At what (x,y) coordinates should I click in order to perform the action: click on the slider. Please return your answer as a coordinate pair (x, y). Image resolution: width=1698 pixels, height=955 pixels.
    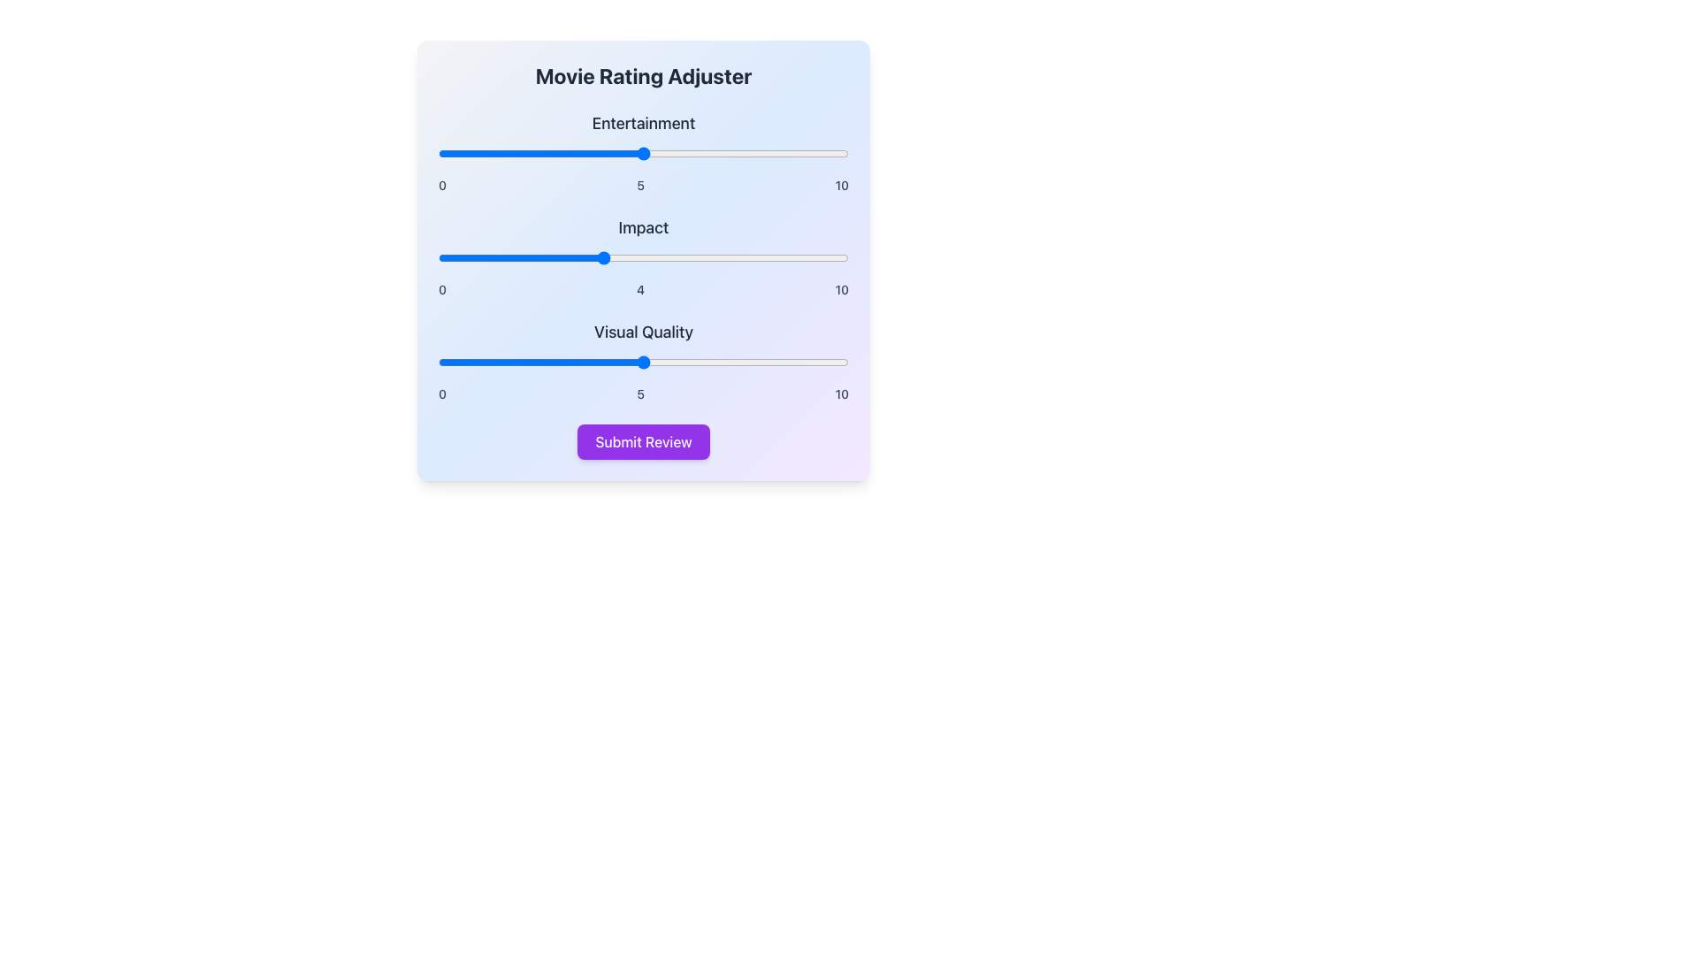
    Looking at the image, I should click on (684, 361).